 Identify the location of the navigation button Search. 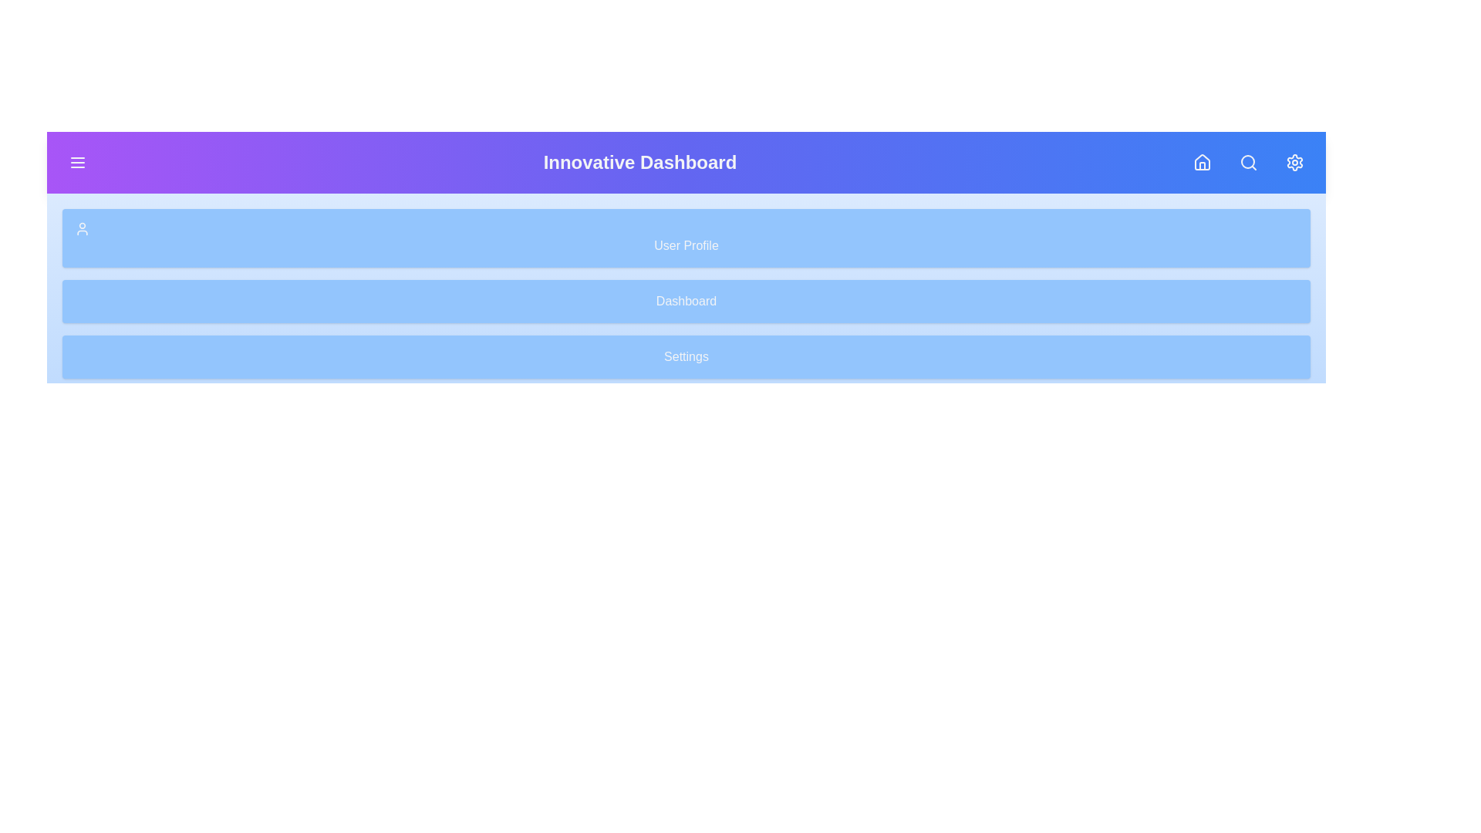
(1248, 163).